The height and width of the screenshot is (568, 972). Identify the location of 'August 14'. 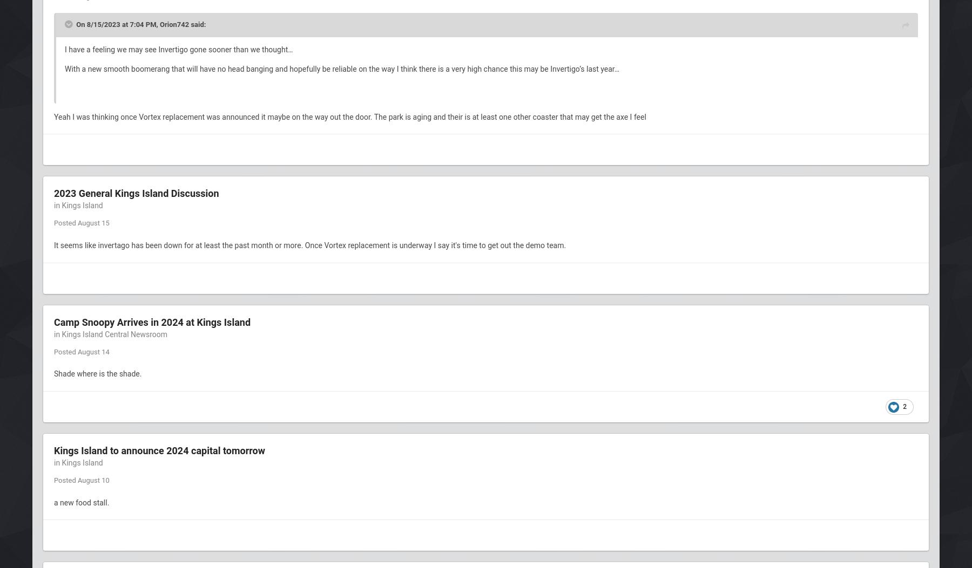
(93, 351).